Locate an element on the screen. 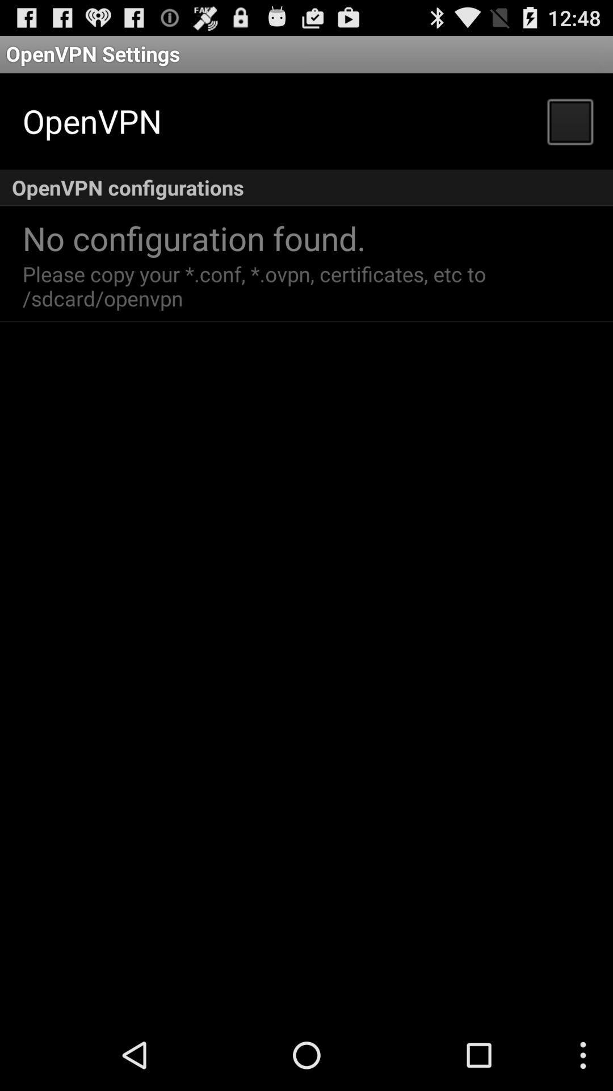 Image resolution: width=613 pixels, height=1091 pixels. item above the please copy your icon is located at coordinates (194, 237).